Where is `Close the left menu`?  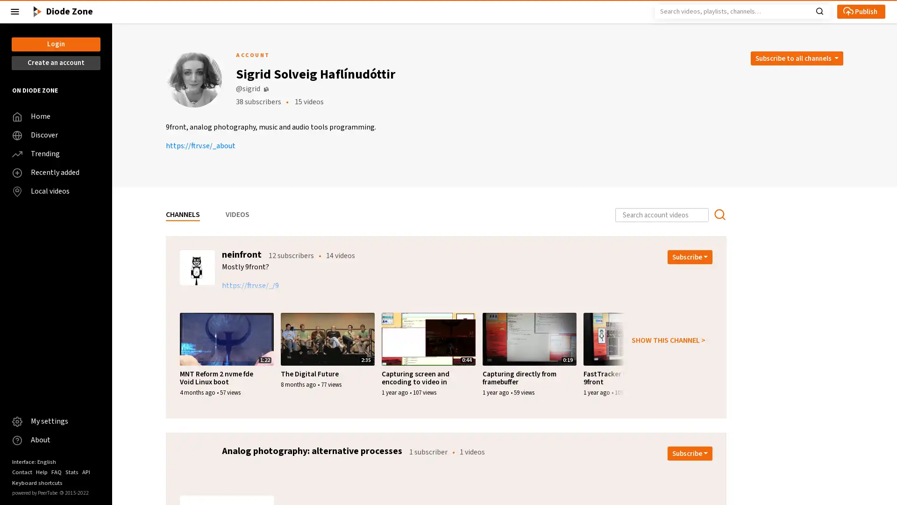 Close the left menu is located at coordinates (15, 11).